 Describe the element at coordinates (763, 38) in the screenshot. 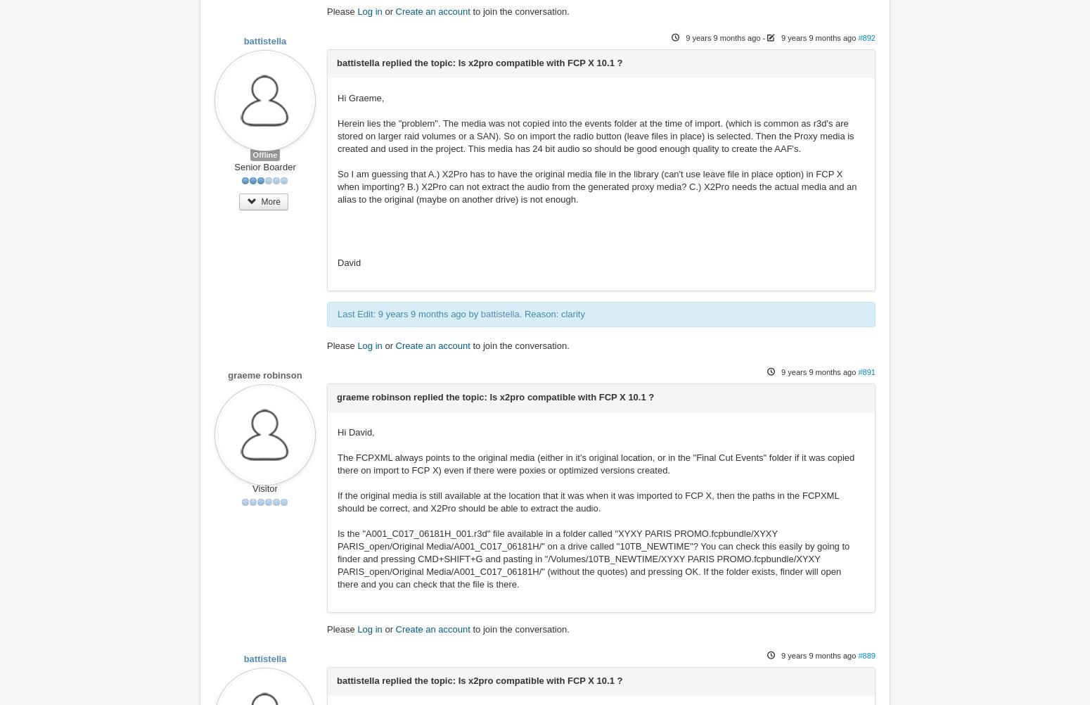

I see `'-'` at that location.